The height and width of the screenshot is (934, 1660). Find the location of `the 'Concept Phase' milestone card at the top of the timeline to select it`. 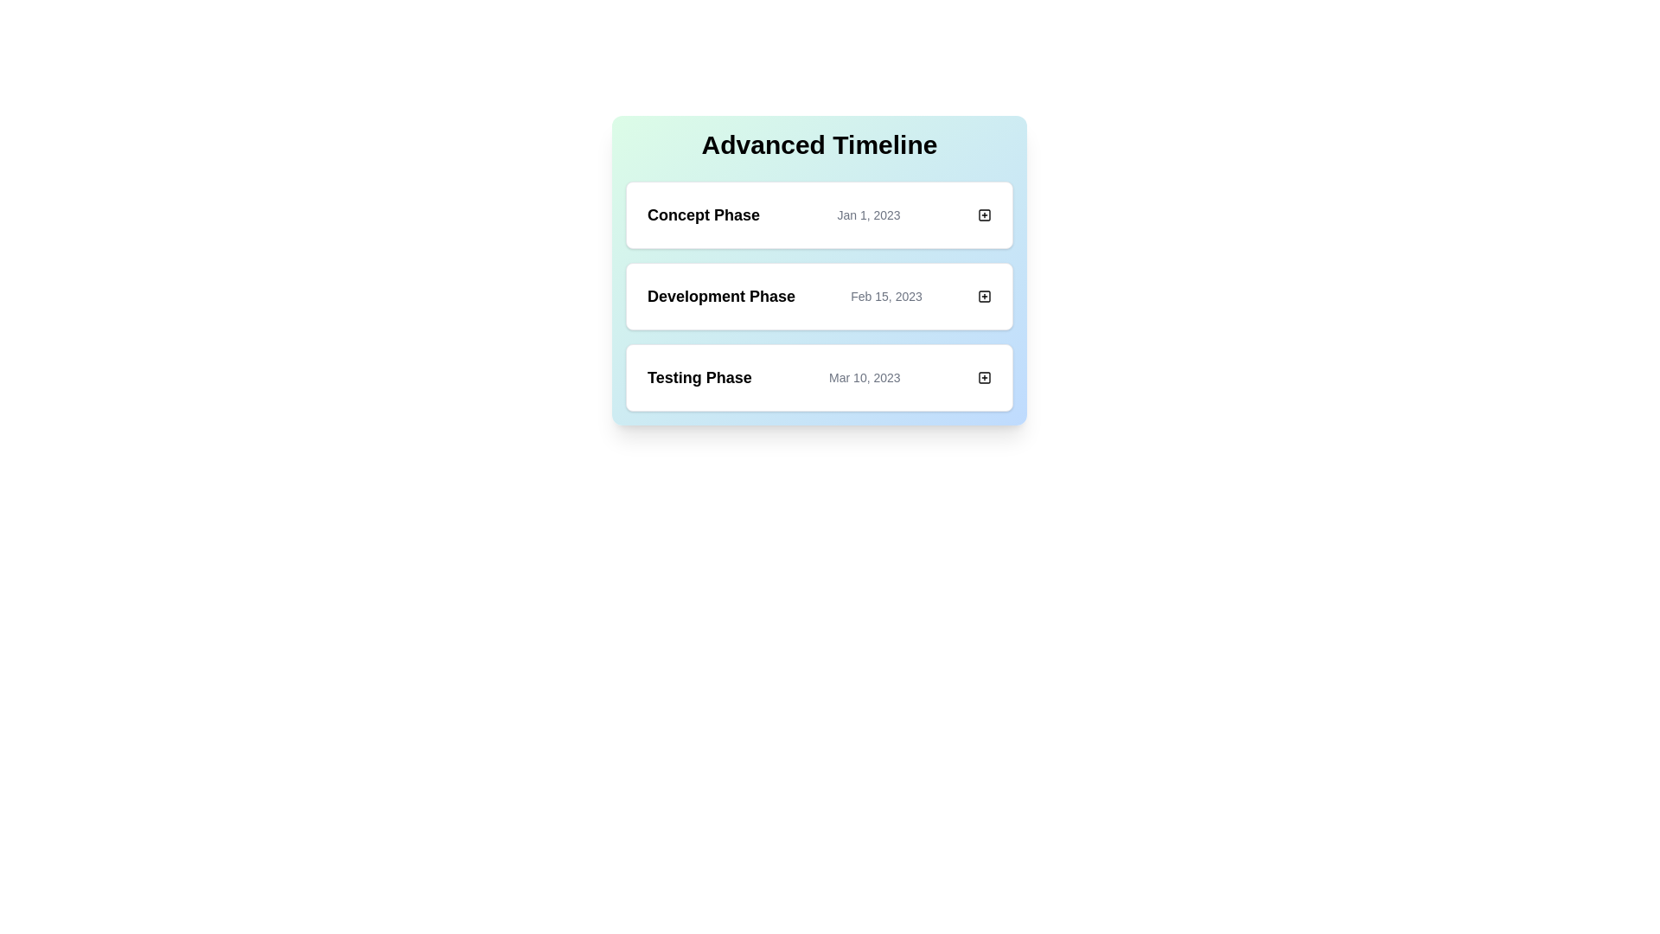

the 'Concept Phase' milestone card at the top of the timeline to select it is located at coordinates (819, 214).